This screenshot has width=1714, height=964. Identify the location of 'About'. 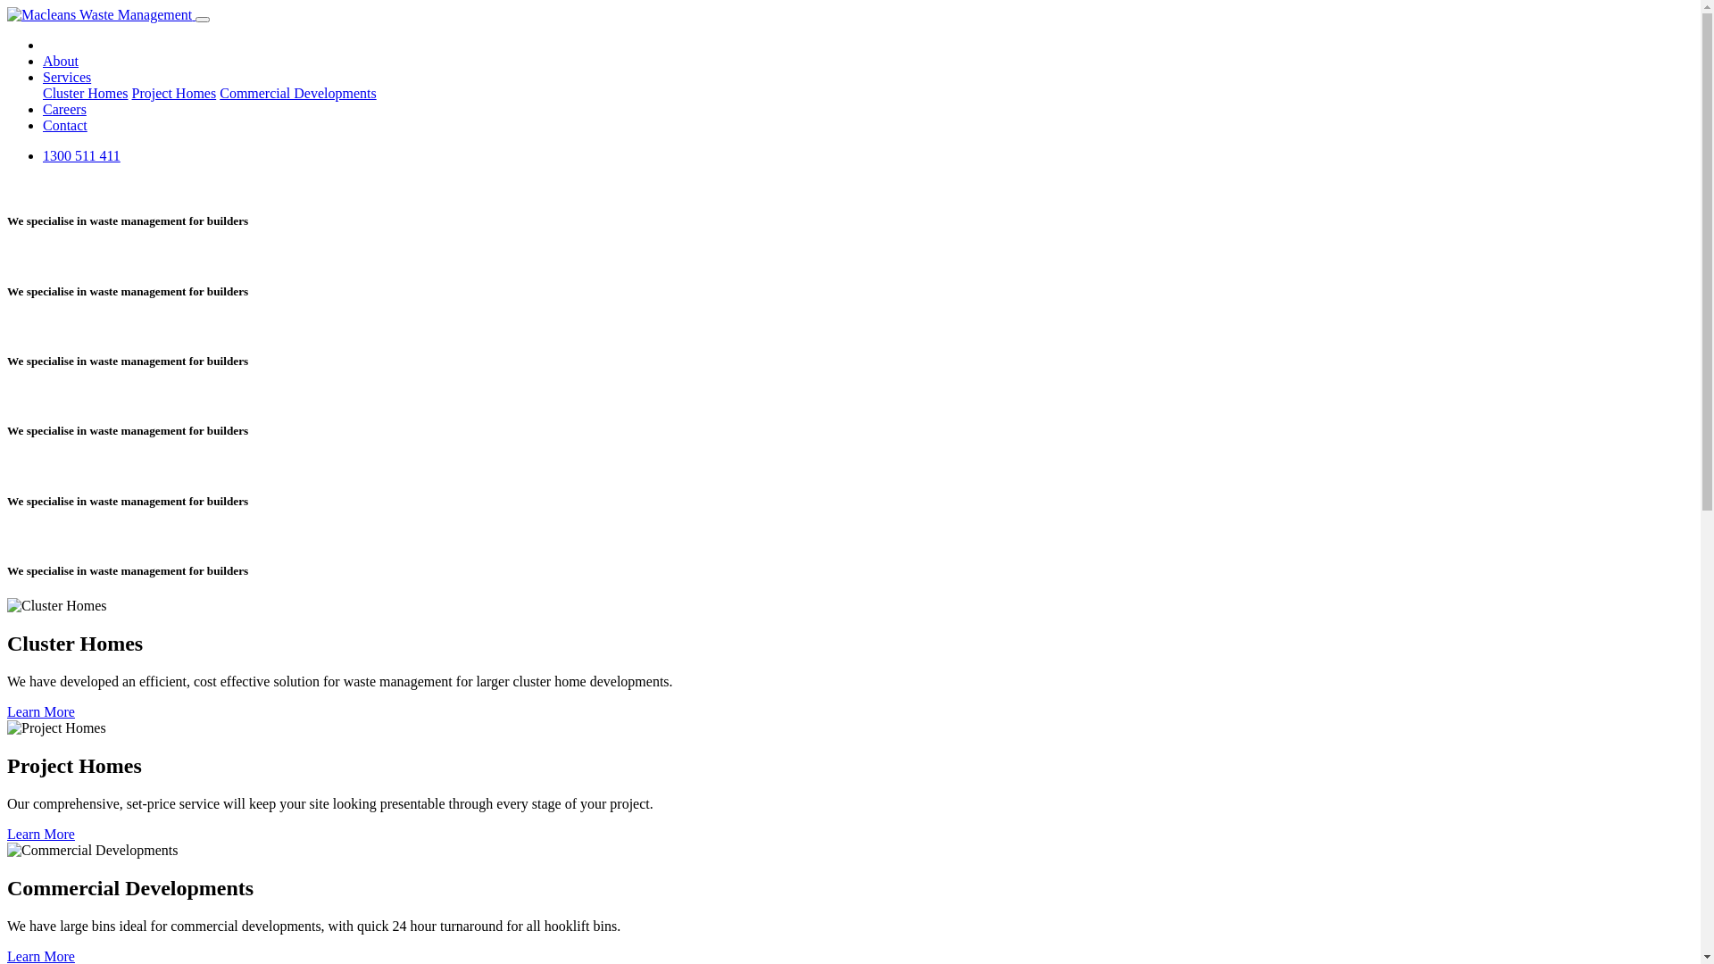
(60, 60).